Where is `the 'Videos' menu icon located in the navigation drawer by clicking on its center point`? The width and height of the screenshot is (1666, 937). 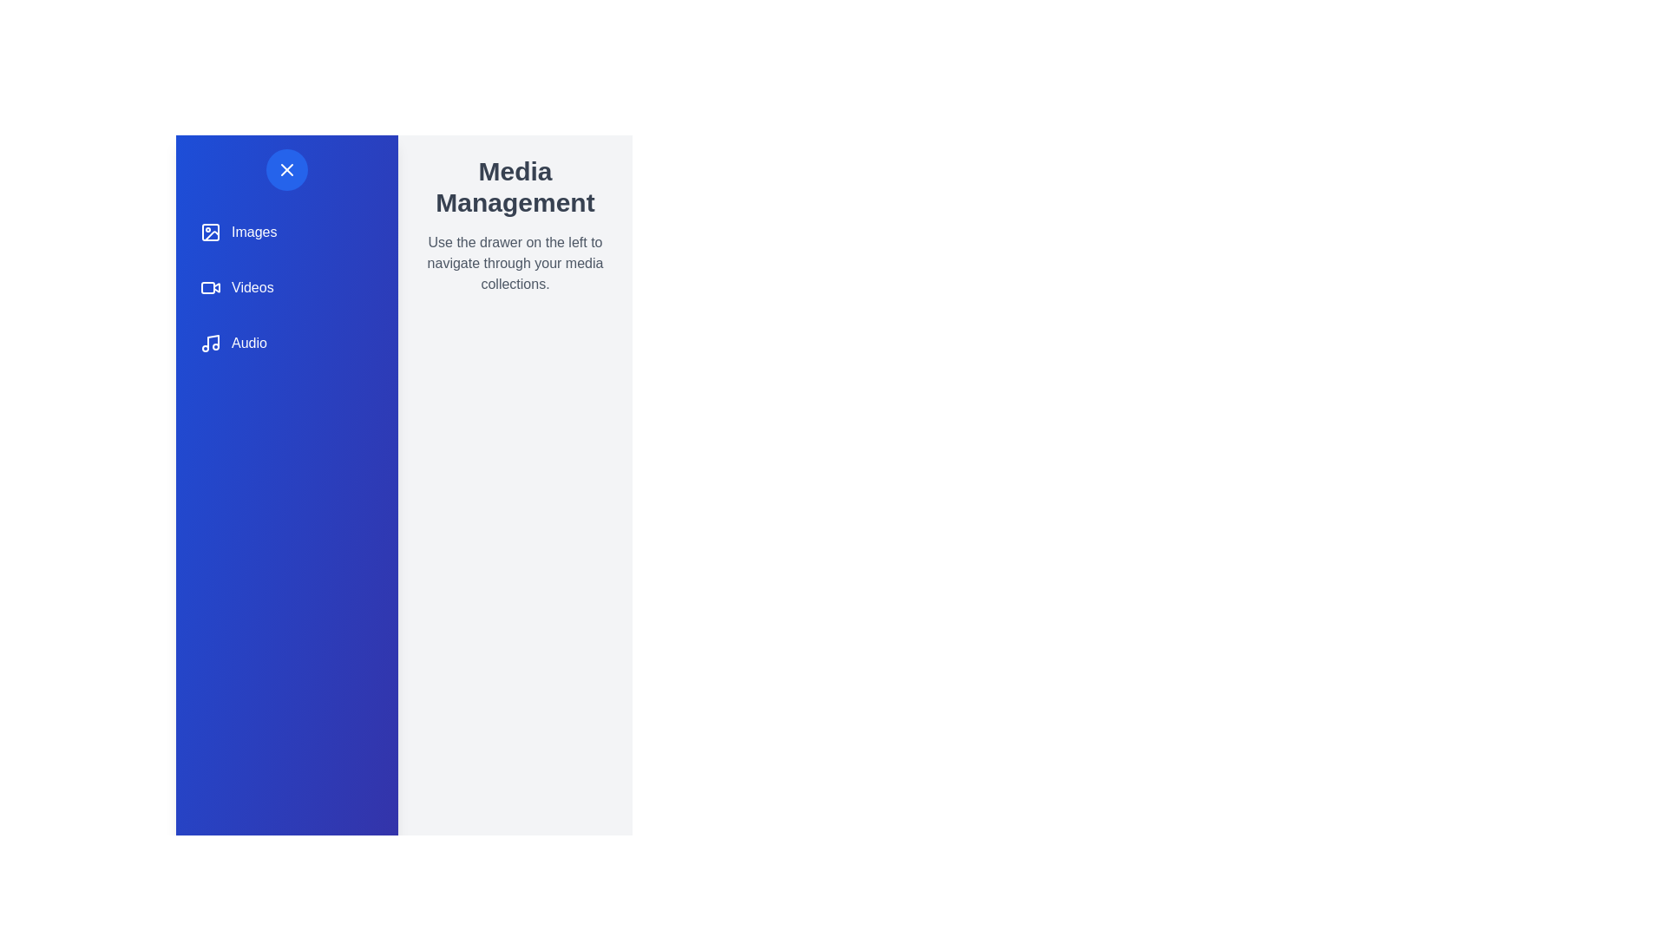
the 'Videos' menu icon located in the navigation drawer by clicking on its center point is located at coordinates (210, 286).